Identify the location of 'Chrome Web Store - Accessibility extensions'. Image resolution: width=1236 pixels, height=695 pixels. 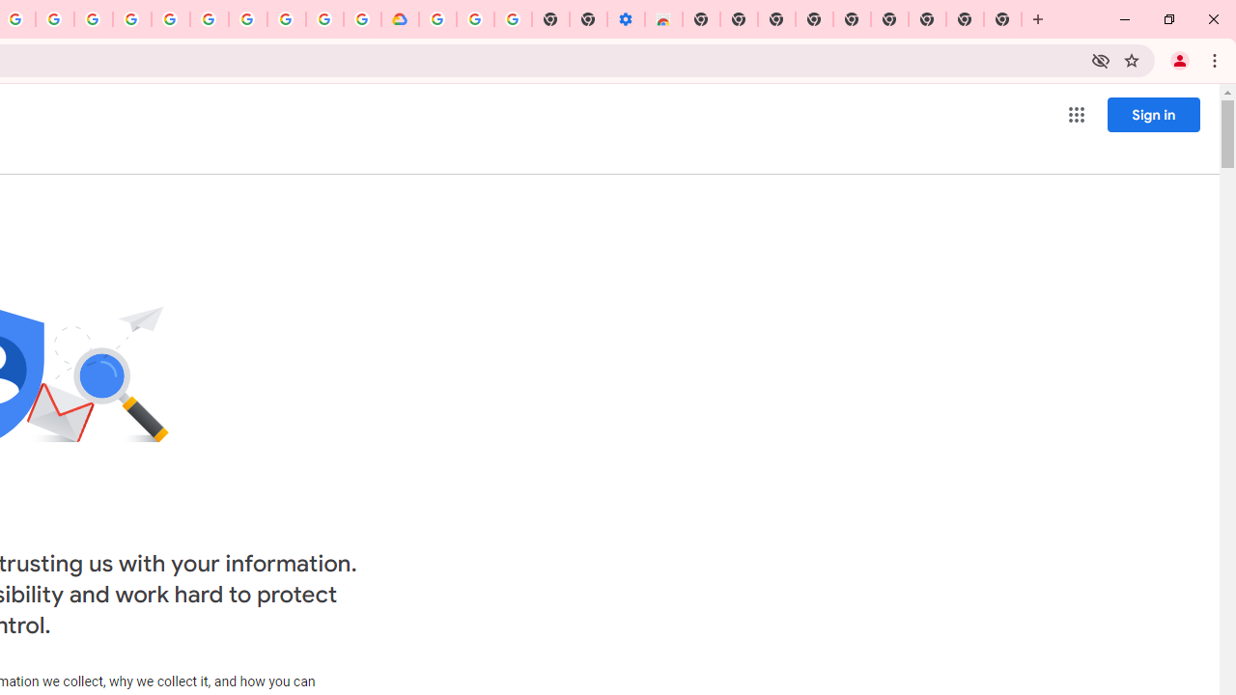
(663, 19).